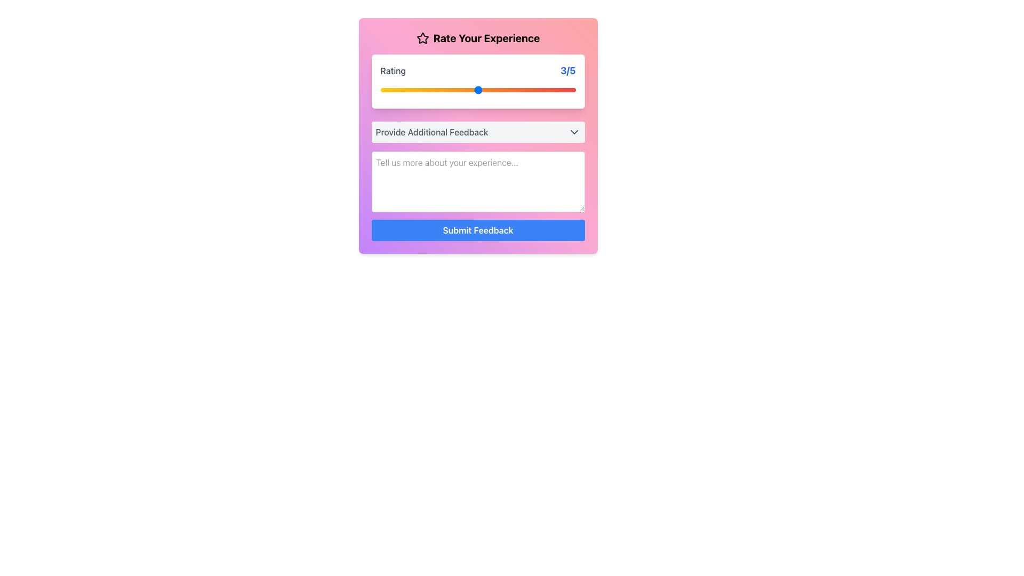 The image size is (1024, 576). I want to click on the decorative icon located at the top-center of the interface, slightly to the left of the text 'Rate Your Experience', so click(422, 38).